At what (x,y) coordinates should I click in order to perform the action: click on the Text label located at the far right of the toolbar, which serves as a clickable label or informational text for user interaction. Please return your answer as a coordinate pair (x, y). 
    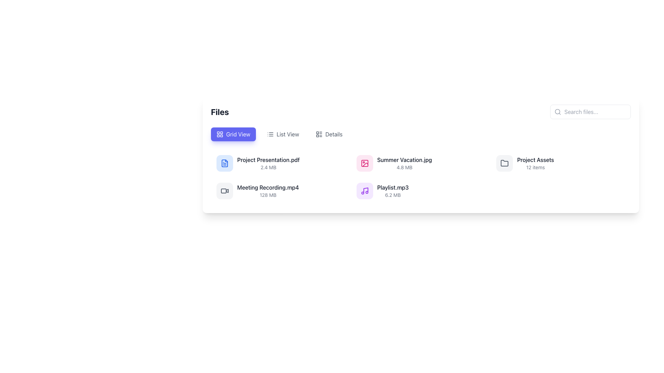
    Looking at the image, I should click on (334, 134).